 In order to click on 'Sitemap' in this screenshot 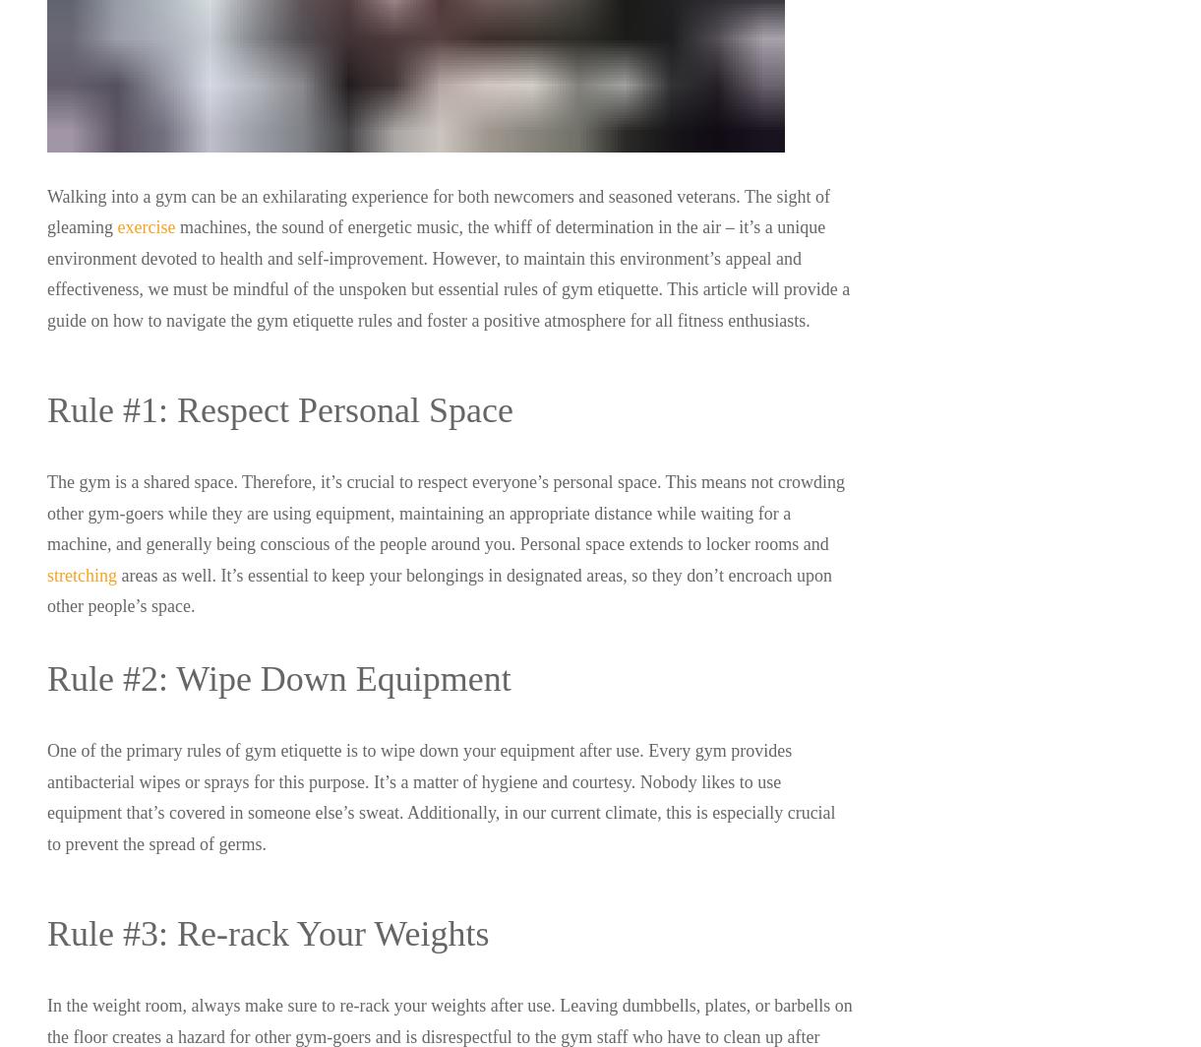, I will do `click(664, 906)`.